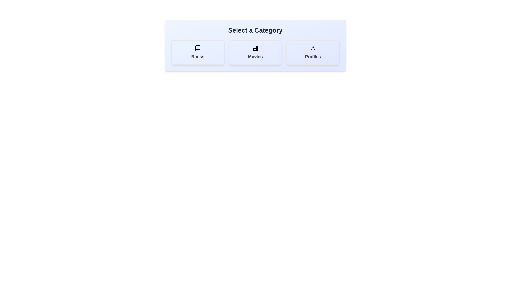  Describe the element at coordinates (312, 53) in the screenshot. I see `the category Profiles by clicking on it` at that location.